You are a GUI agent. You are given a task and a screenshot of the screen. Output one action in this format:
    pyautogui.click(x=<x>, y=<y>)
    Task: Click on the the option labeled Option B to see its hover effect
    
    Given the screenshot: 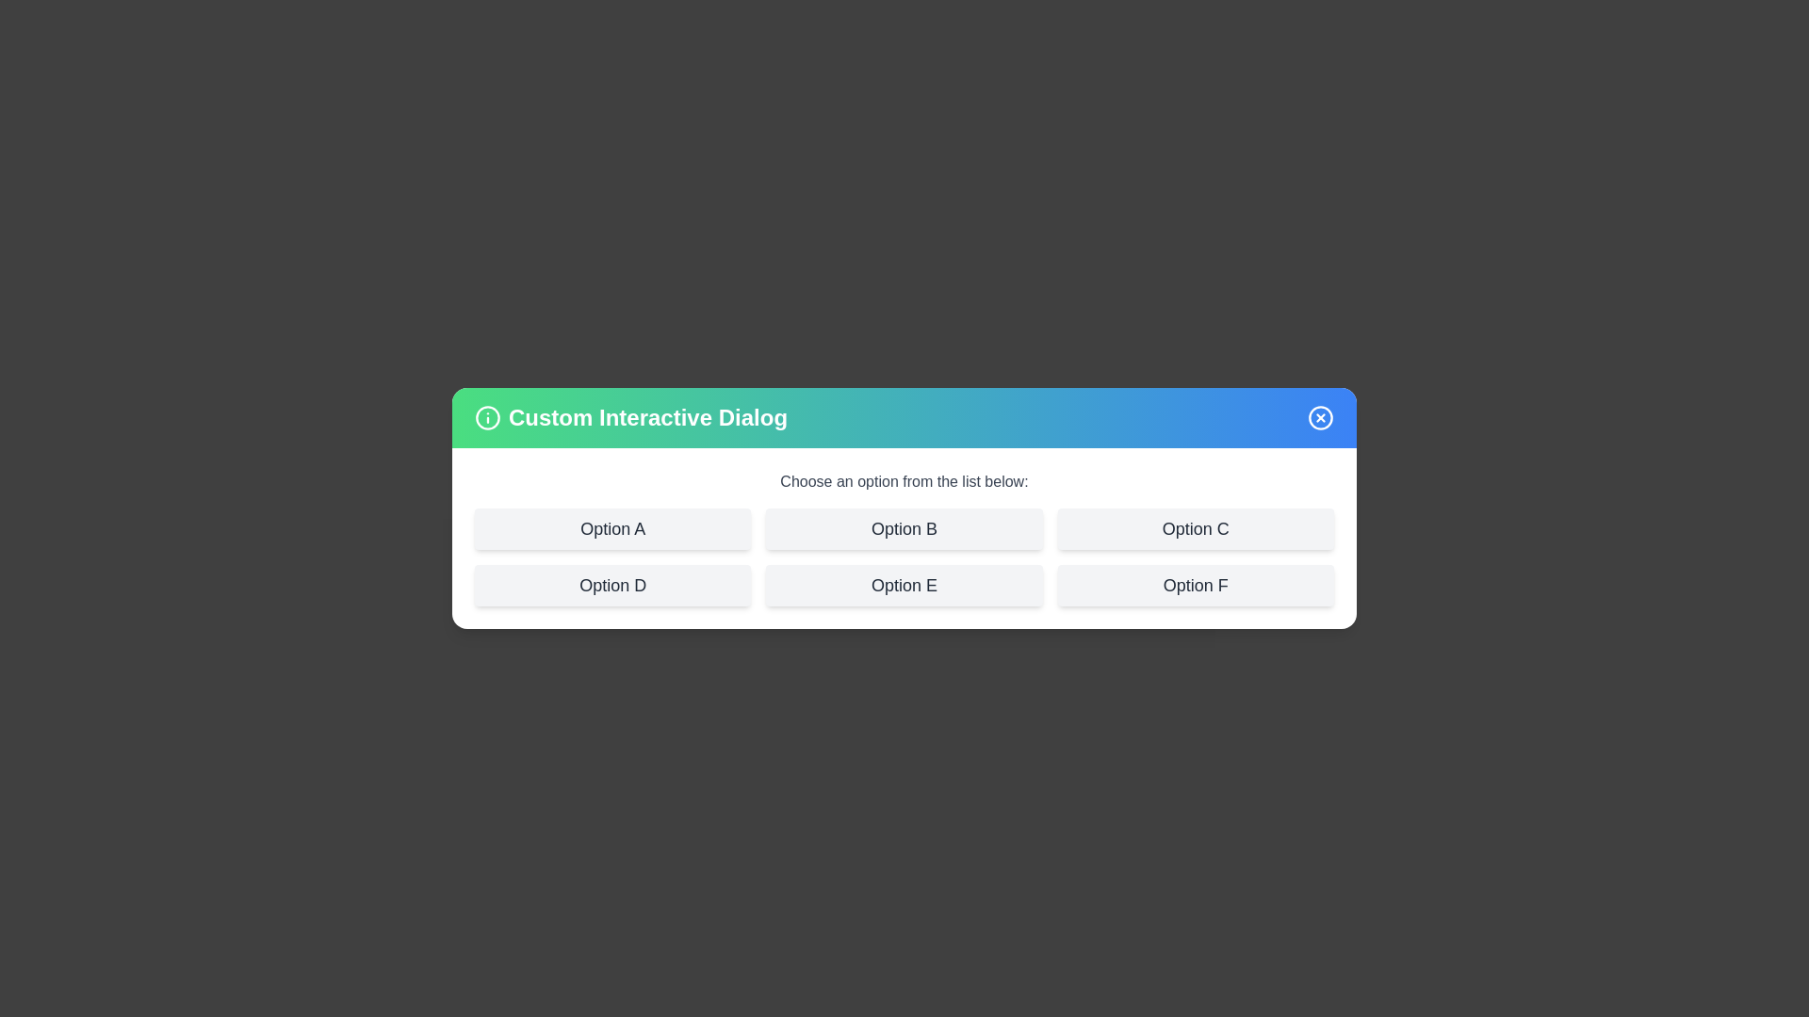 What is the action you would take?
    pyautogui.click(x=904, y=529)
    